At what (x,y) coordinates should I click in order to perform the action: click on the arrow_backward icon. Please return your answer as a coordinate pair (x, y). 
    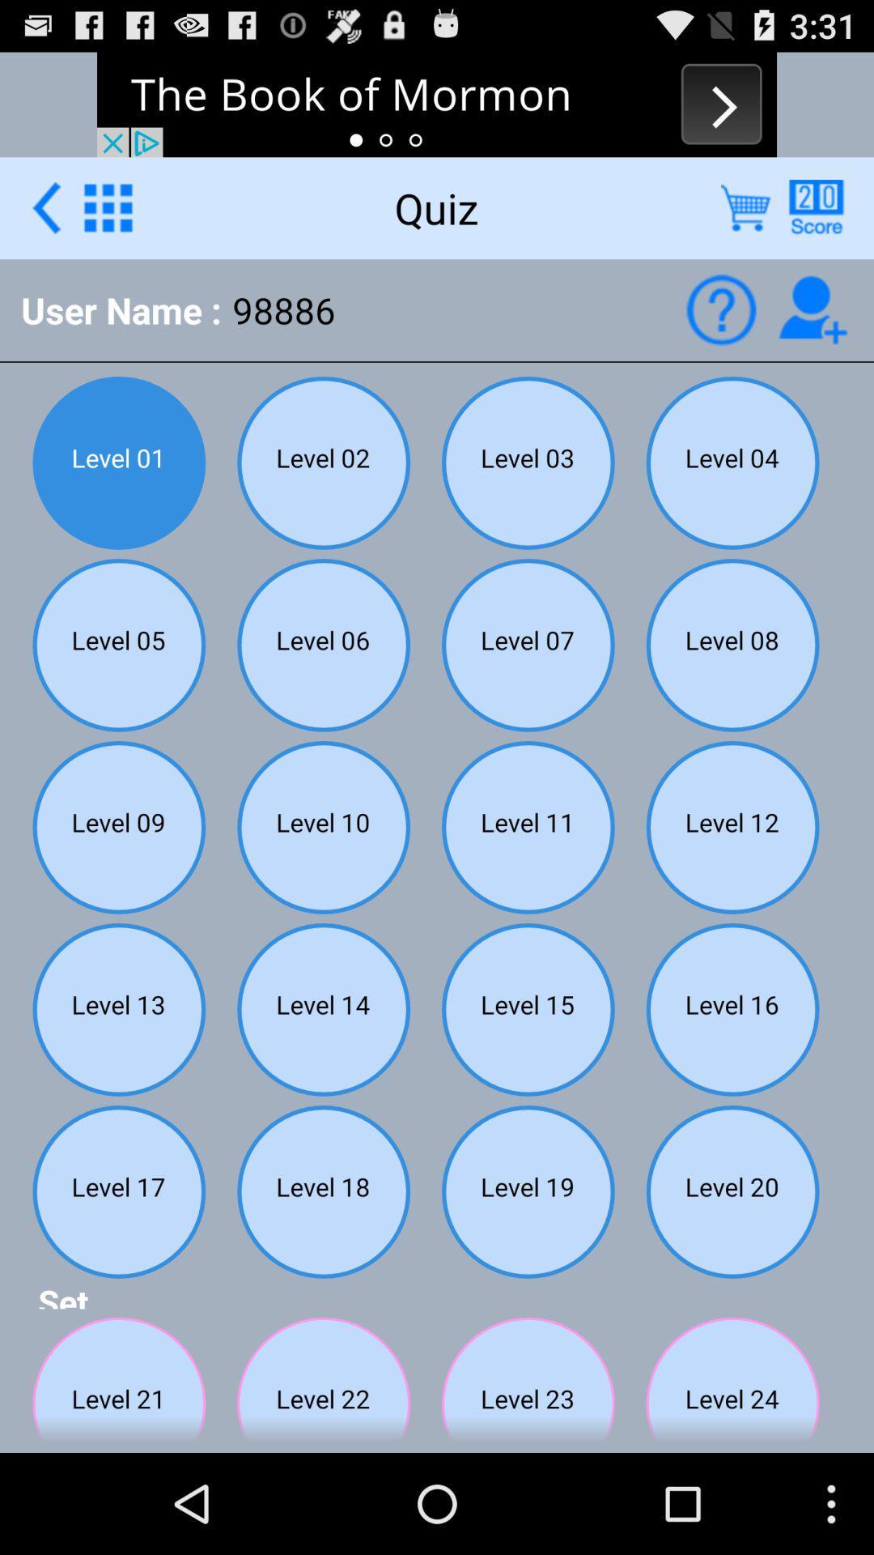
    Looking at the image, I should click on (45, 221).